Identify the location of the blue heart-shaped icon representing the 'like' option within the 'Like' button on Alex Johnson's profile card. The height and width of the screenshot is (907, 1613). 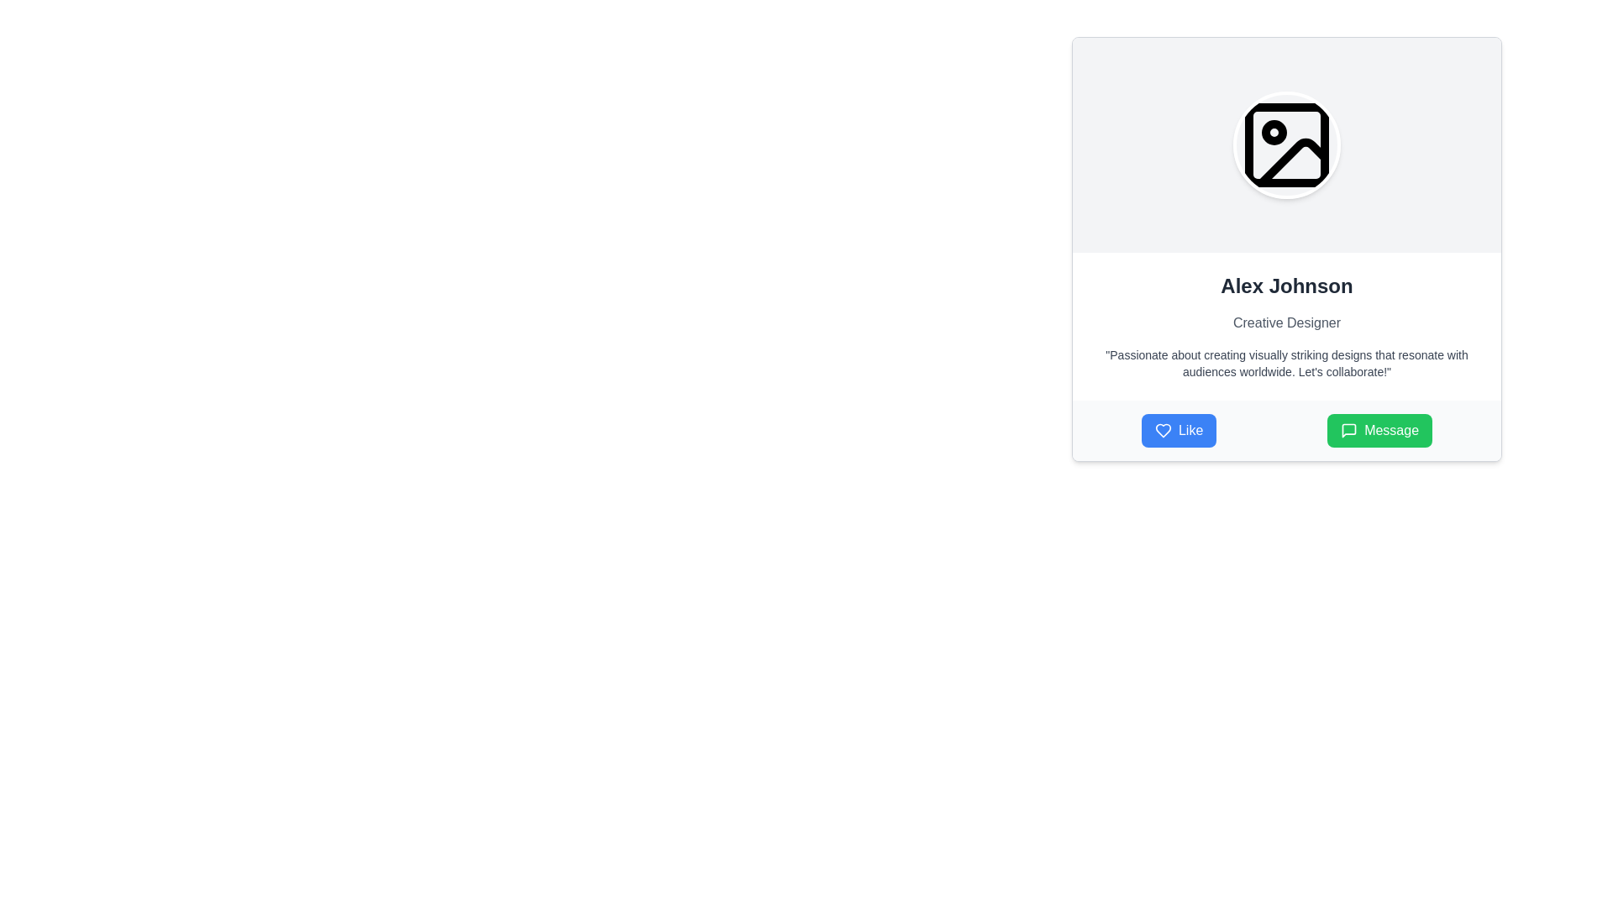
(1162, 430).